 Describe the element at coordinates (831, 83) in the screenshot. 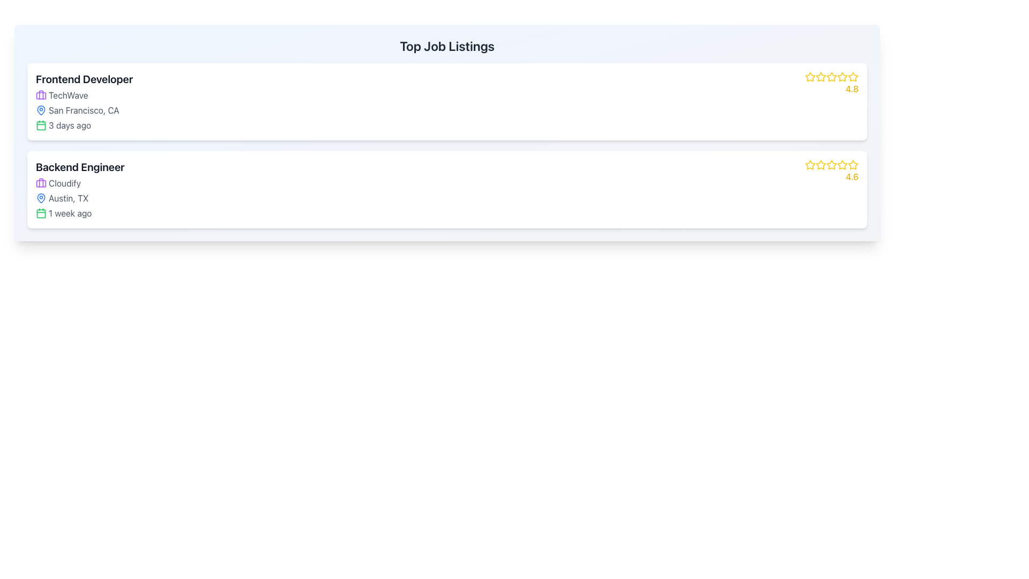

I see `the rating display element located in the top-right corner of the item card for the 'Frontend Developer' position` at that location.